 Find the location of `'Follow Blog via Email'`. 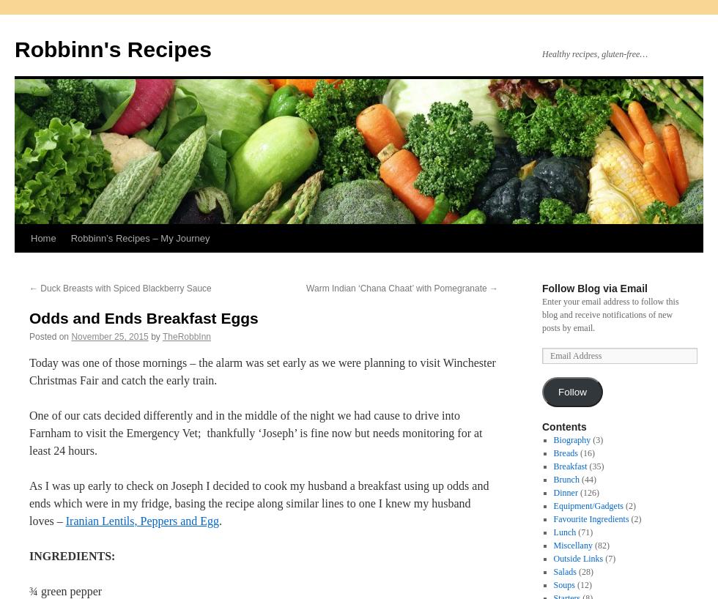

'Follow Blog via Email' is located at coordinates (594, 289).